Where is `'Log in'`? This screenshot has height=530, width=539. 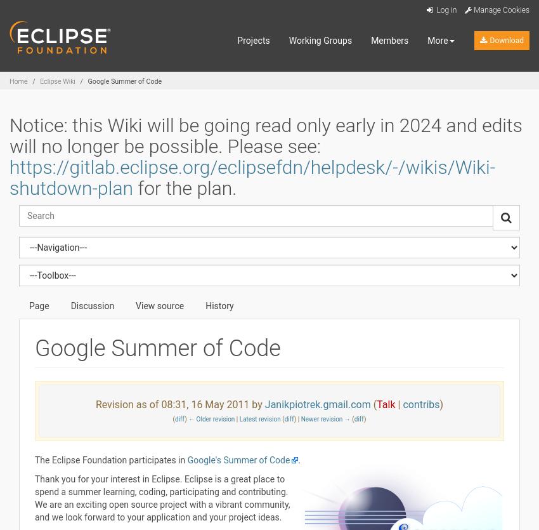
'Log in' is located at coordinates (445, 10).